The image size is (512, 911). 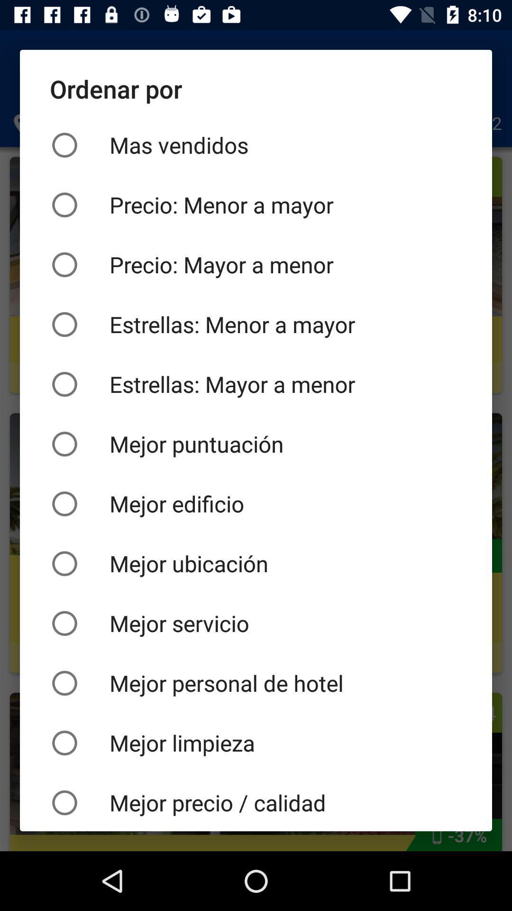 I want to click on the mas vendidos  item, so click(x=256, y=145).